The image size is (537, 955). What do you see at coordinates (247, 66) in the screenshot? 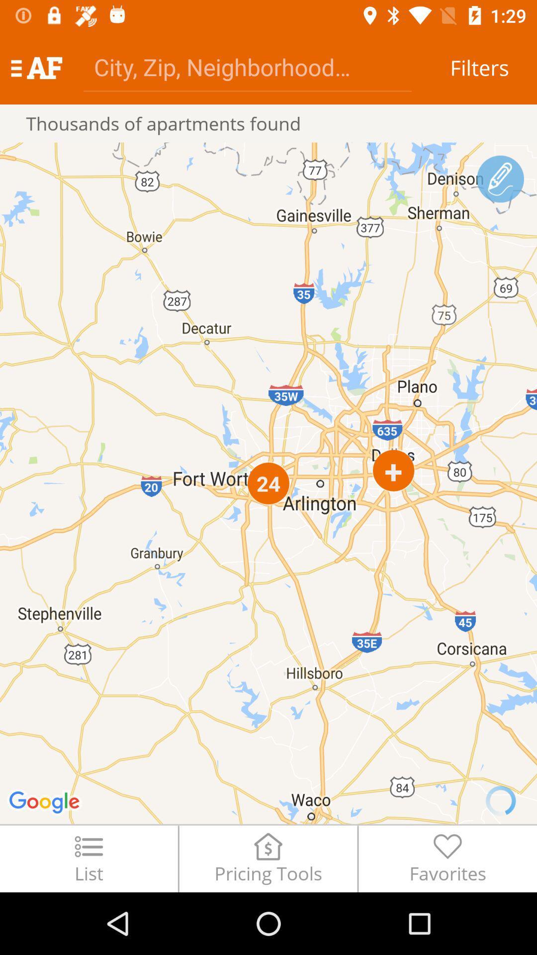
I see `city/address/zip` at bounding box center [247, 66].